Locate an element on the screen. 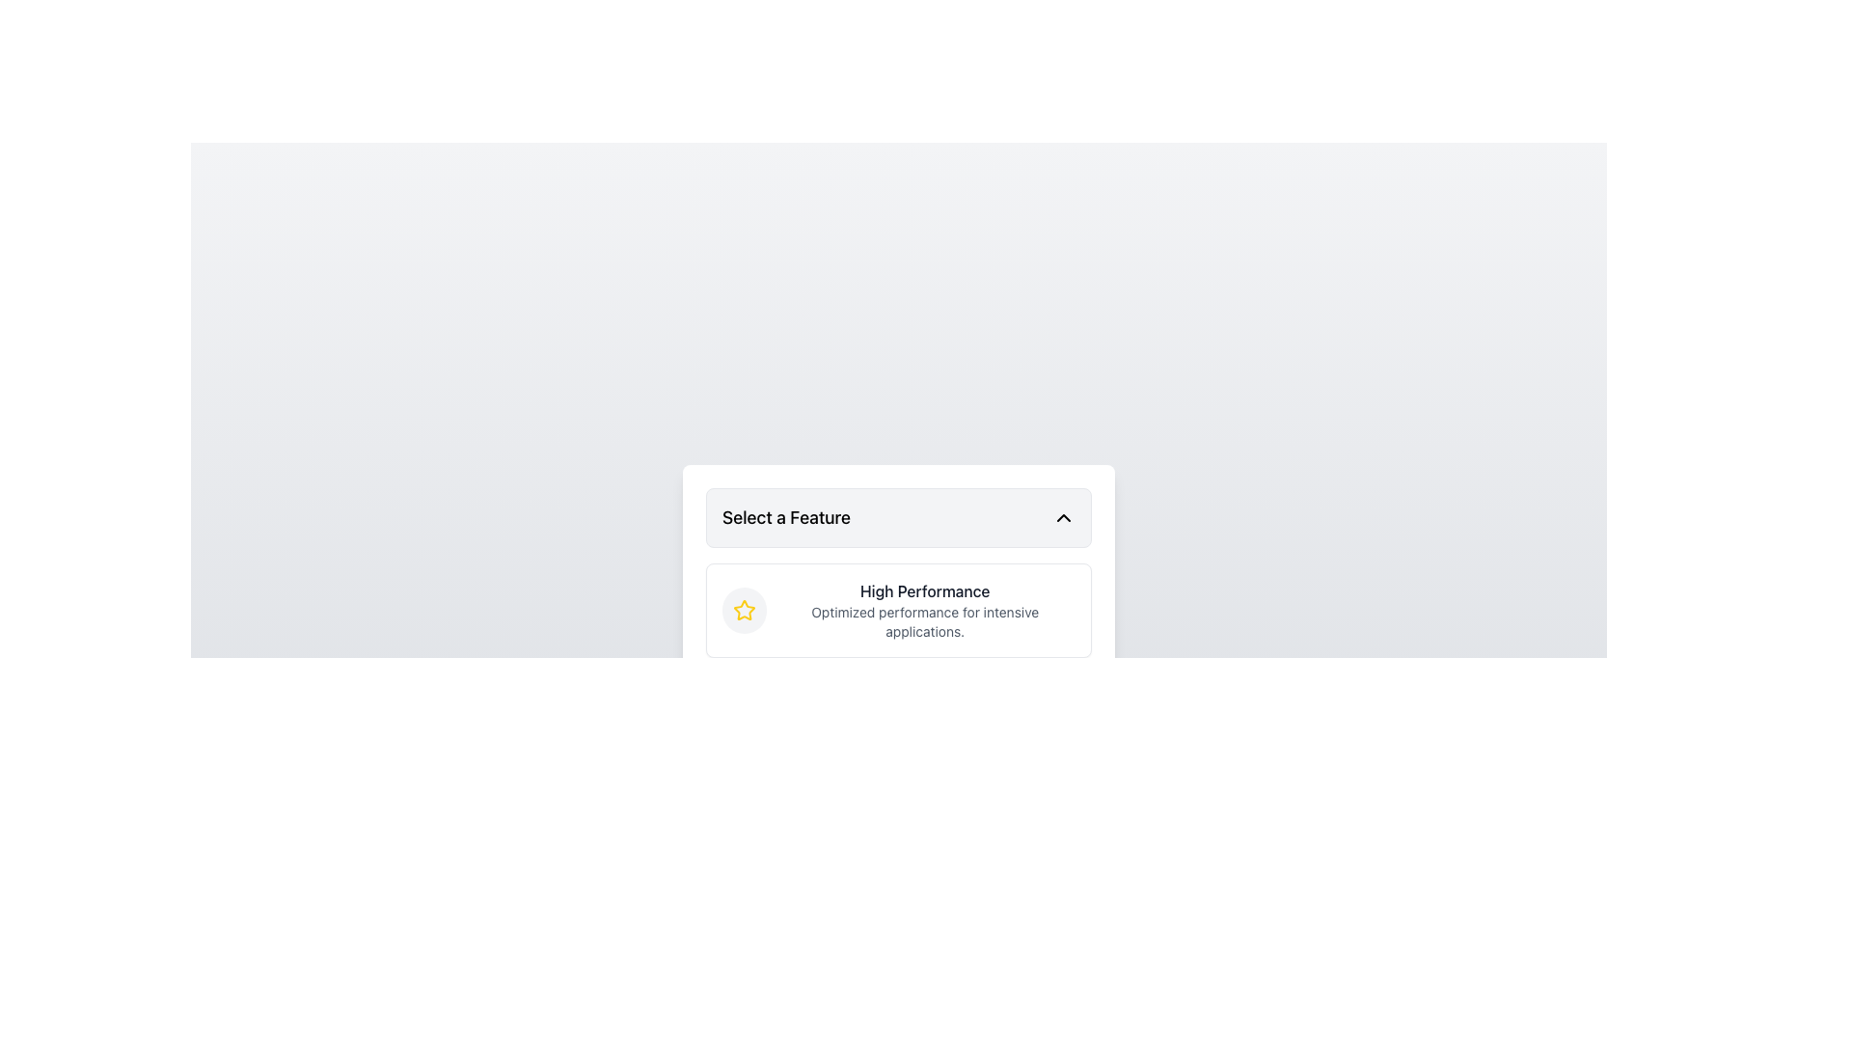 The image size is (1852, 1042). the circular Iconic button with a light gray background and a yellow star icon, located to the left of the text 'High Performance' and 'Optimized performance for intensive applications.' is located at coordinates (744, 610).